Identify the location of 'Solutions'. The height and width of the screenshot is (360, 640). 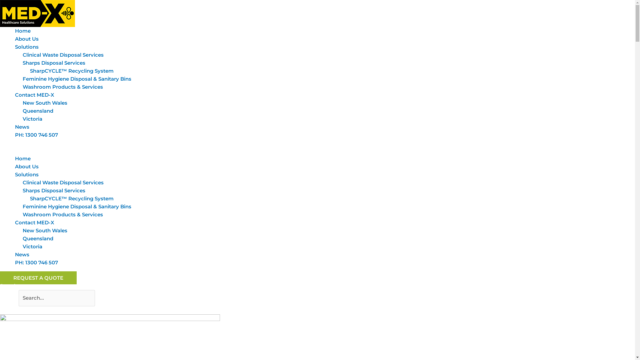
(27, 174).